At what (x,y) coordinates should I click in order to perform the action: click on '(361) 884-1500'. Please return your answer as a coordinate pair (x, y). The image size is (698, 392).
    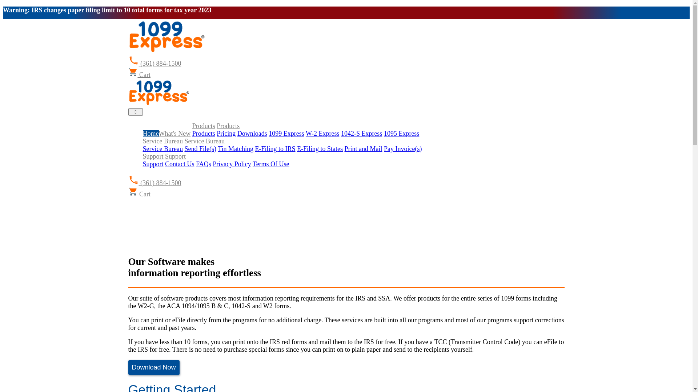
    Looking at the image, I should click on (154, 183).